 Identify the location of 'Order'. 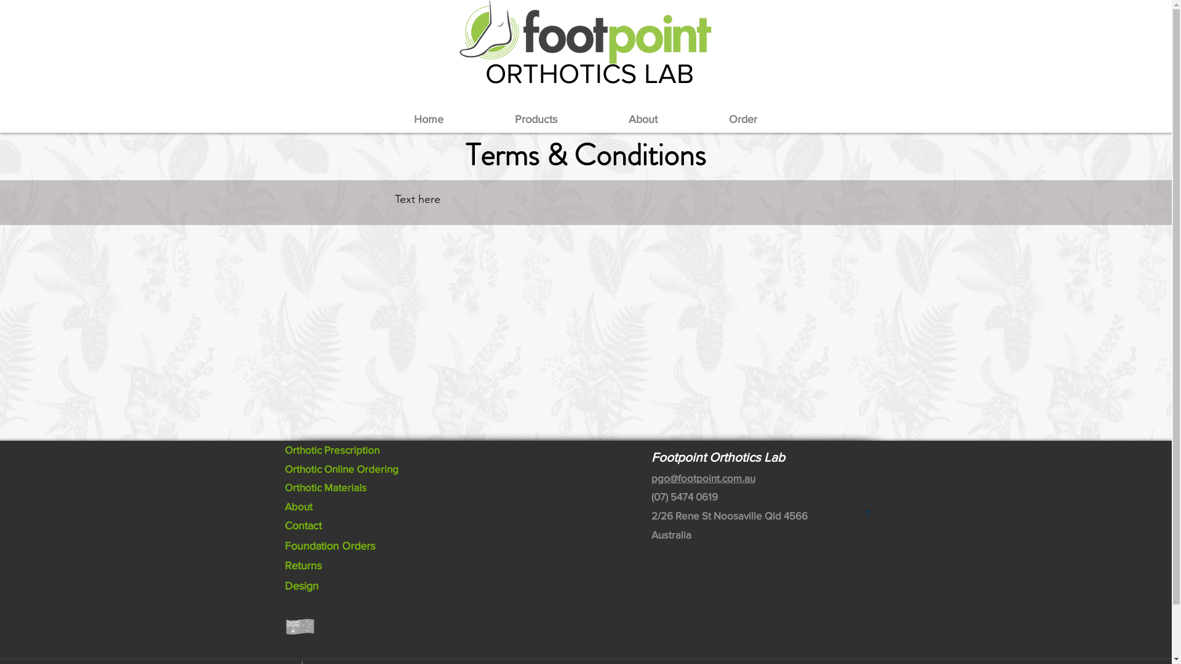
(741, 119).